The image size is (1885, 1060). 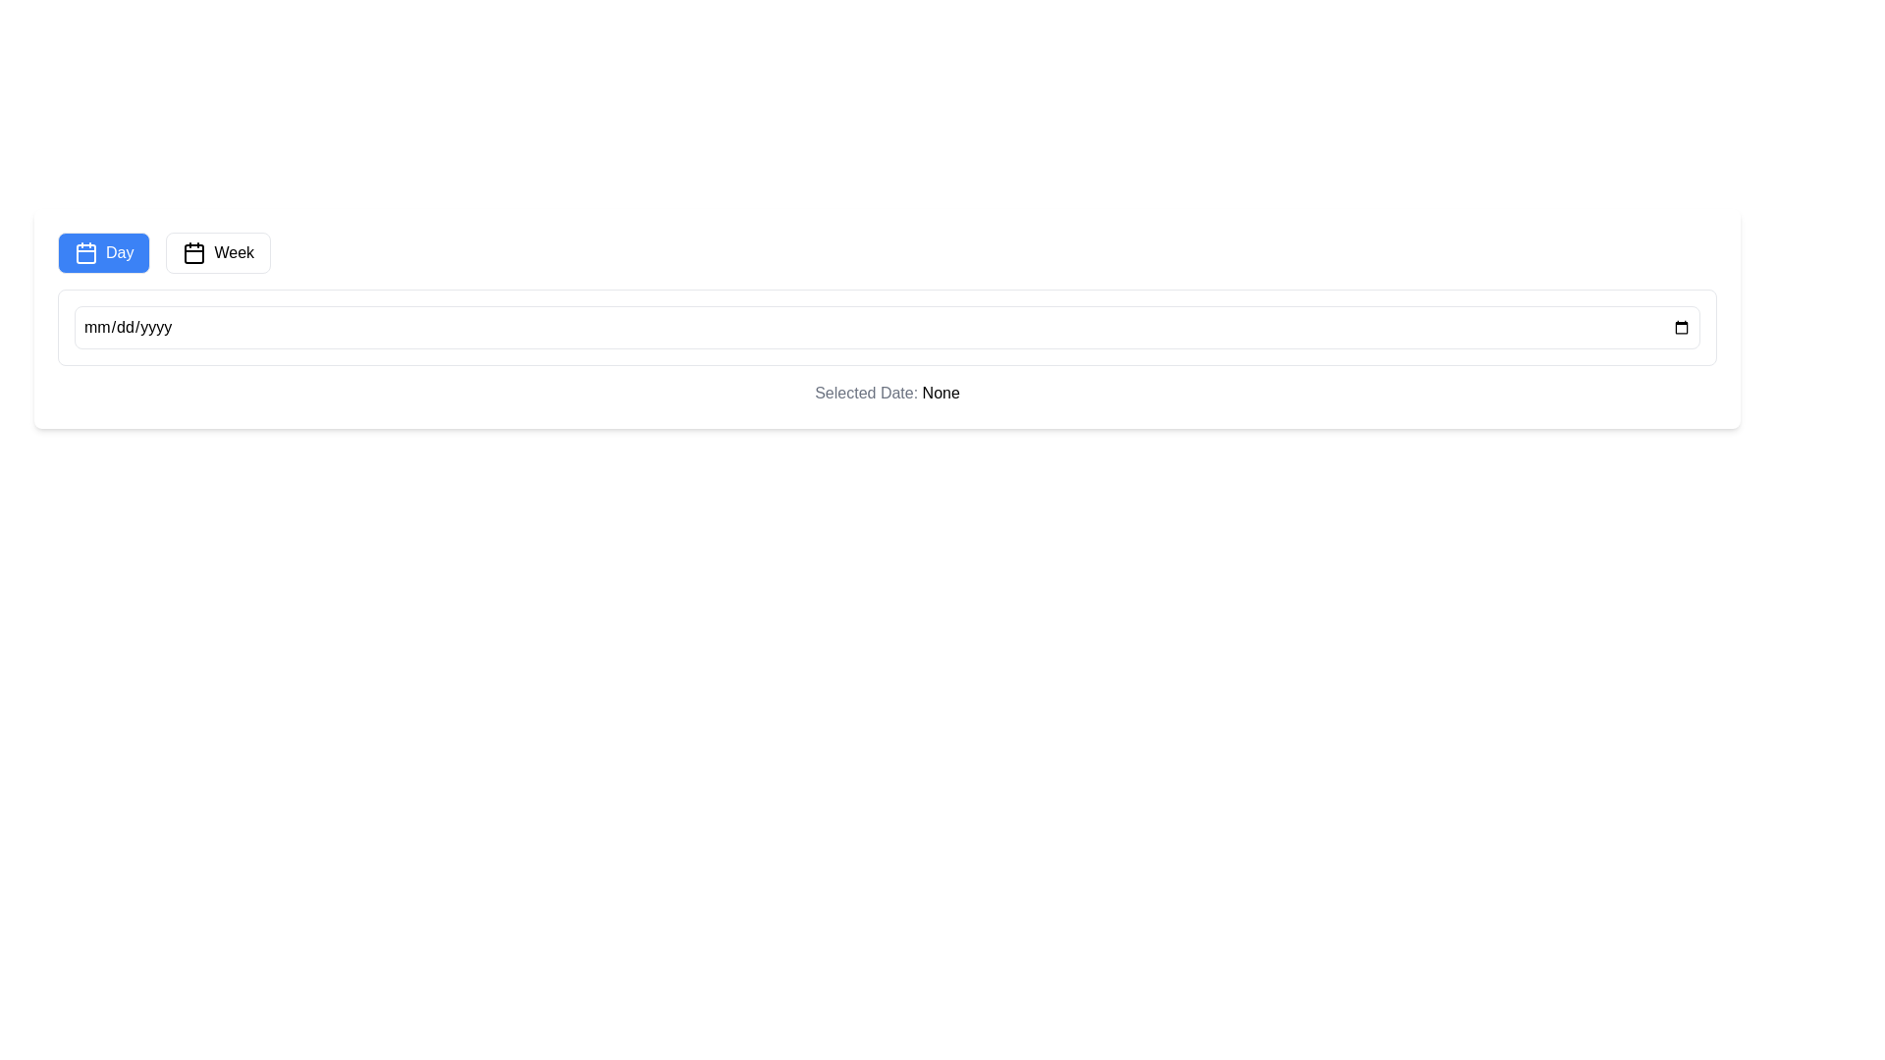 I want to click on the rounded rectangular button labeled 'Week' which has a white background and a black calendar icon, positioned to the right of the blue button labeled 'Day', so click(x=218, y=252).